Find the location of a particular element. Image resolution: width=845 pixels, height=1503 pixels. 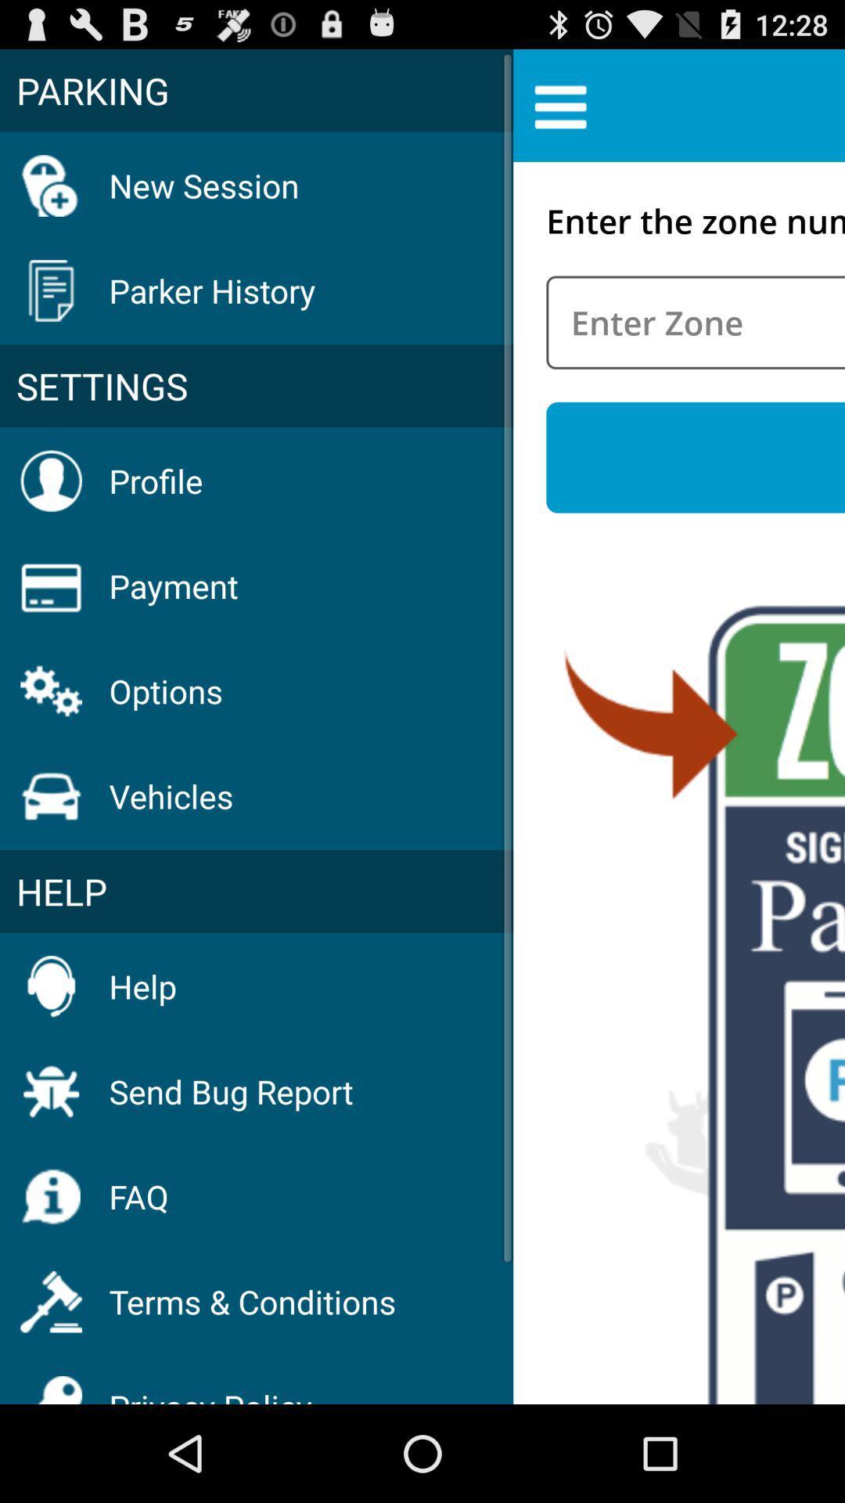

item above the terms & conditions is located at coordinates (138, 1195).